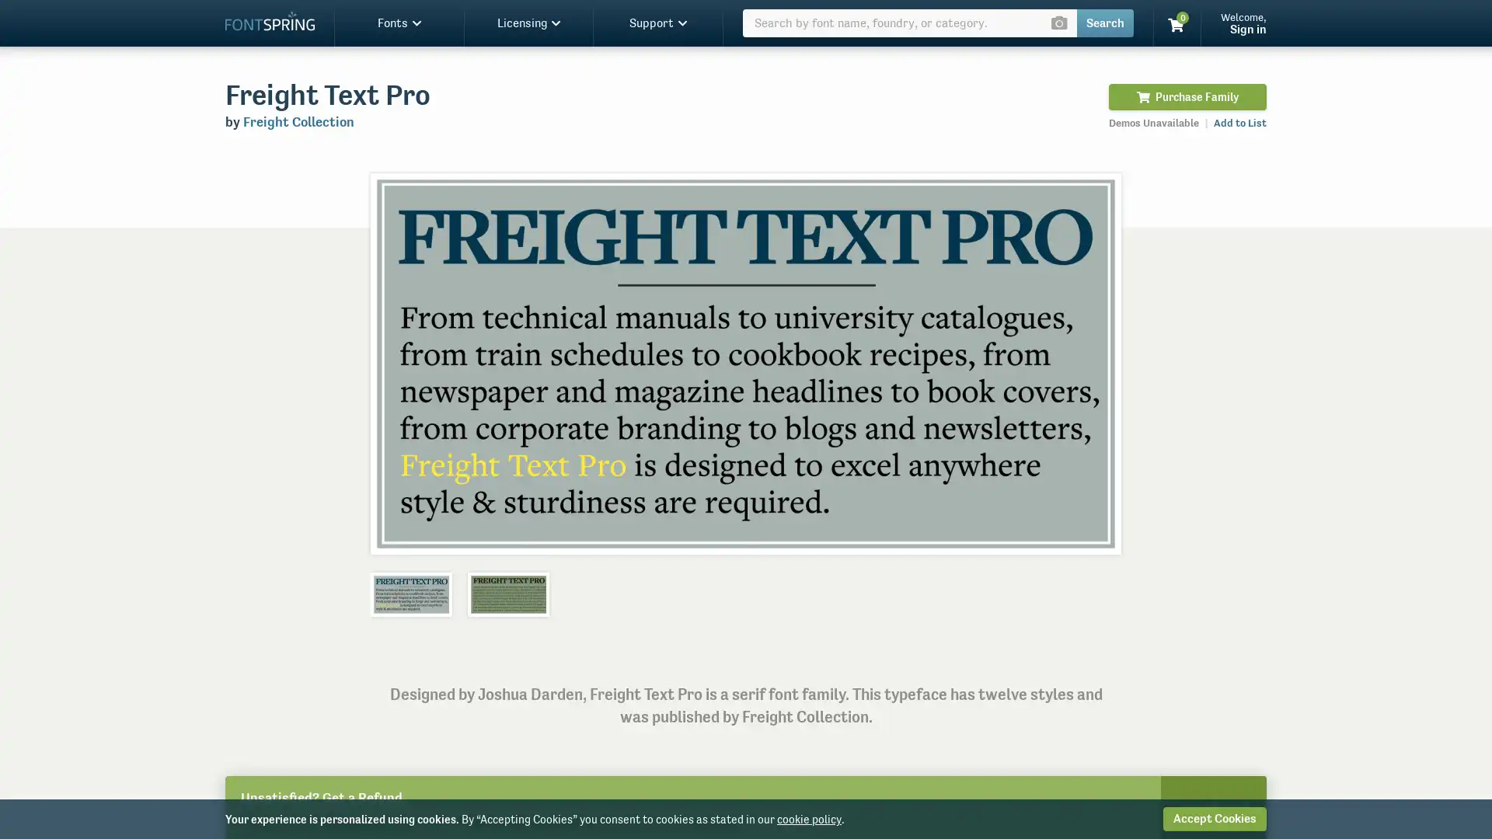 The height and width of the screenshot is (839, 1492). I want to click on Accept Cookies, so click(1214, 818).